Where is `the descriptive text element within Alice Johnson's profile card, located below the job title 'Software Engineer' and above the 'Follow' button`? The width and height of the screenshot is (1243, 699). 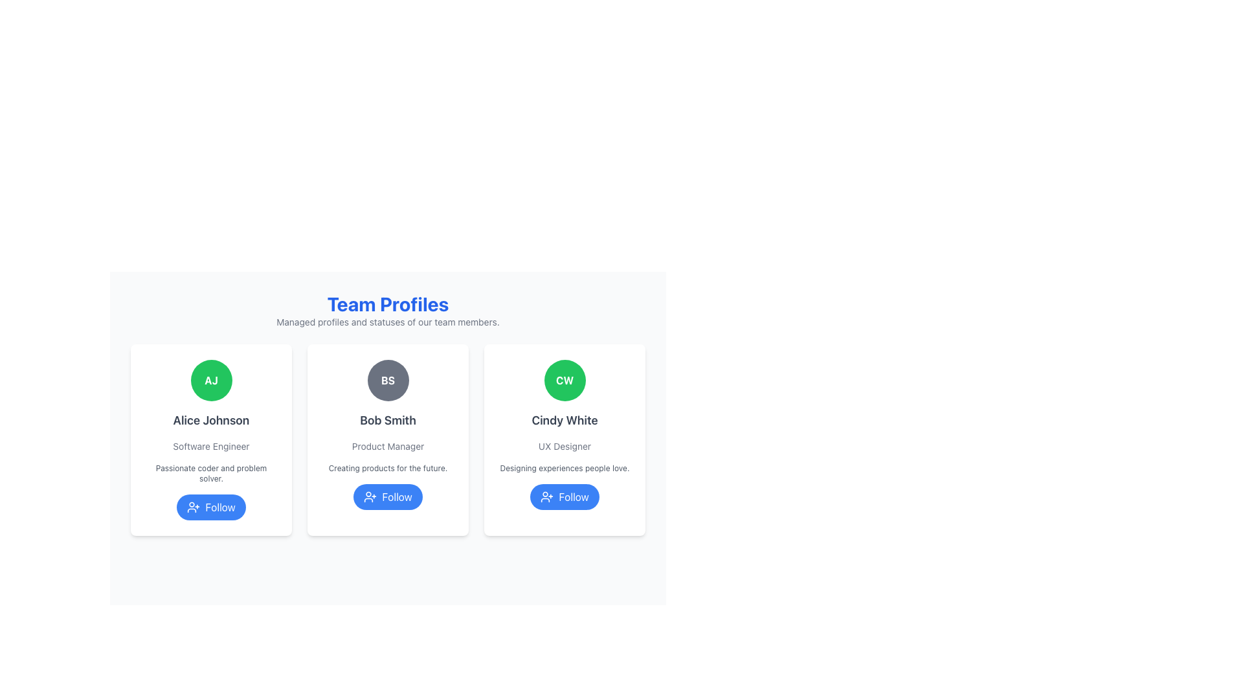
the descriptive text element within Alice Johnson's profile card, located below the job title 'Software Engineer' and above the 'Follow' button is located at coordinates (211, 474).